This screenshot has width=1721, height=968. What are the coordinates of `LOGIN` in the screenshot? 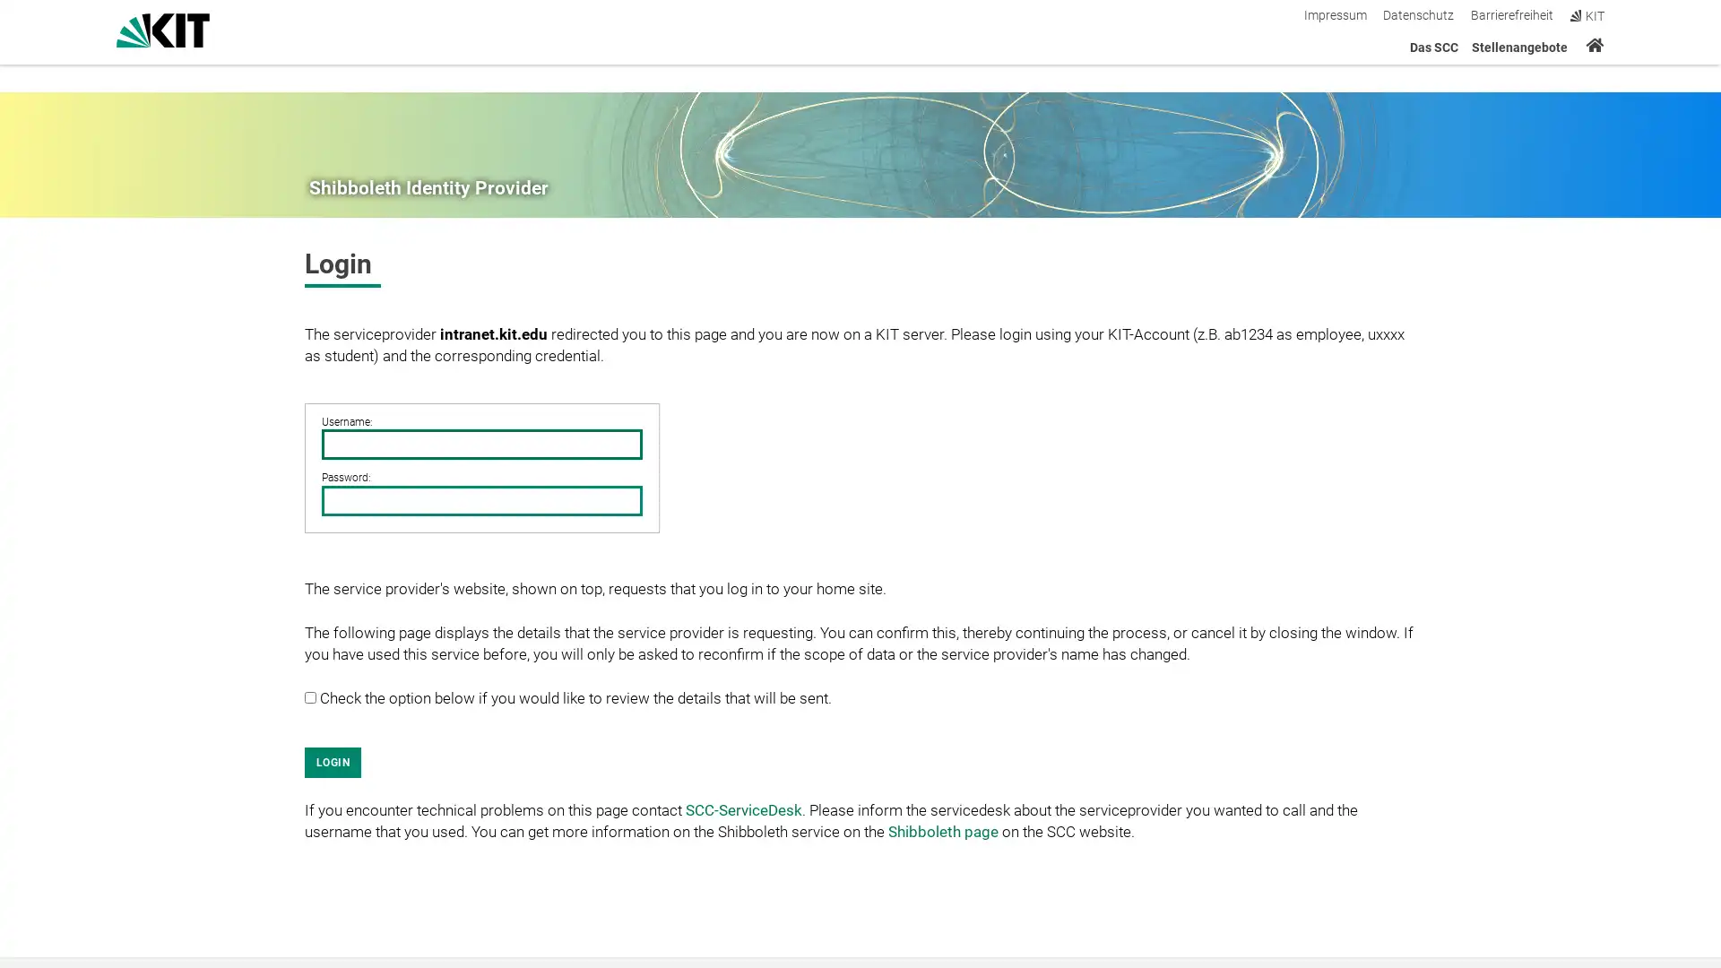 It's located at (332, 761).